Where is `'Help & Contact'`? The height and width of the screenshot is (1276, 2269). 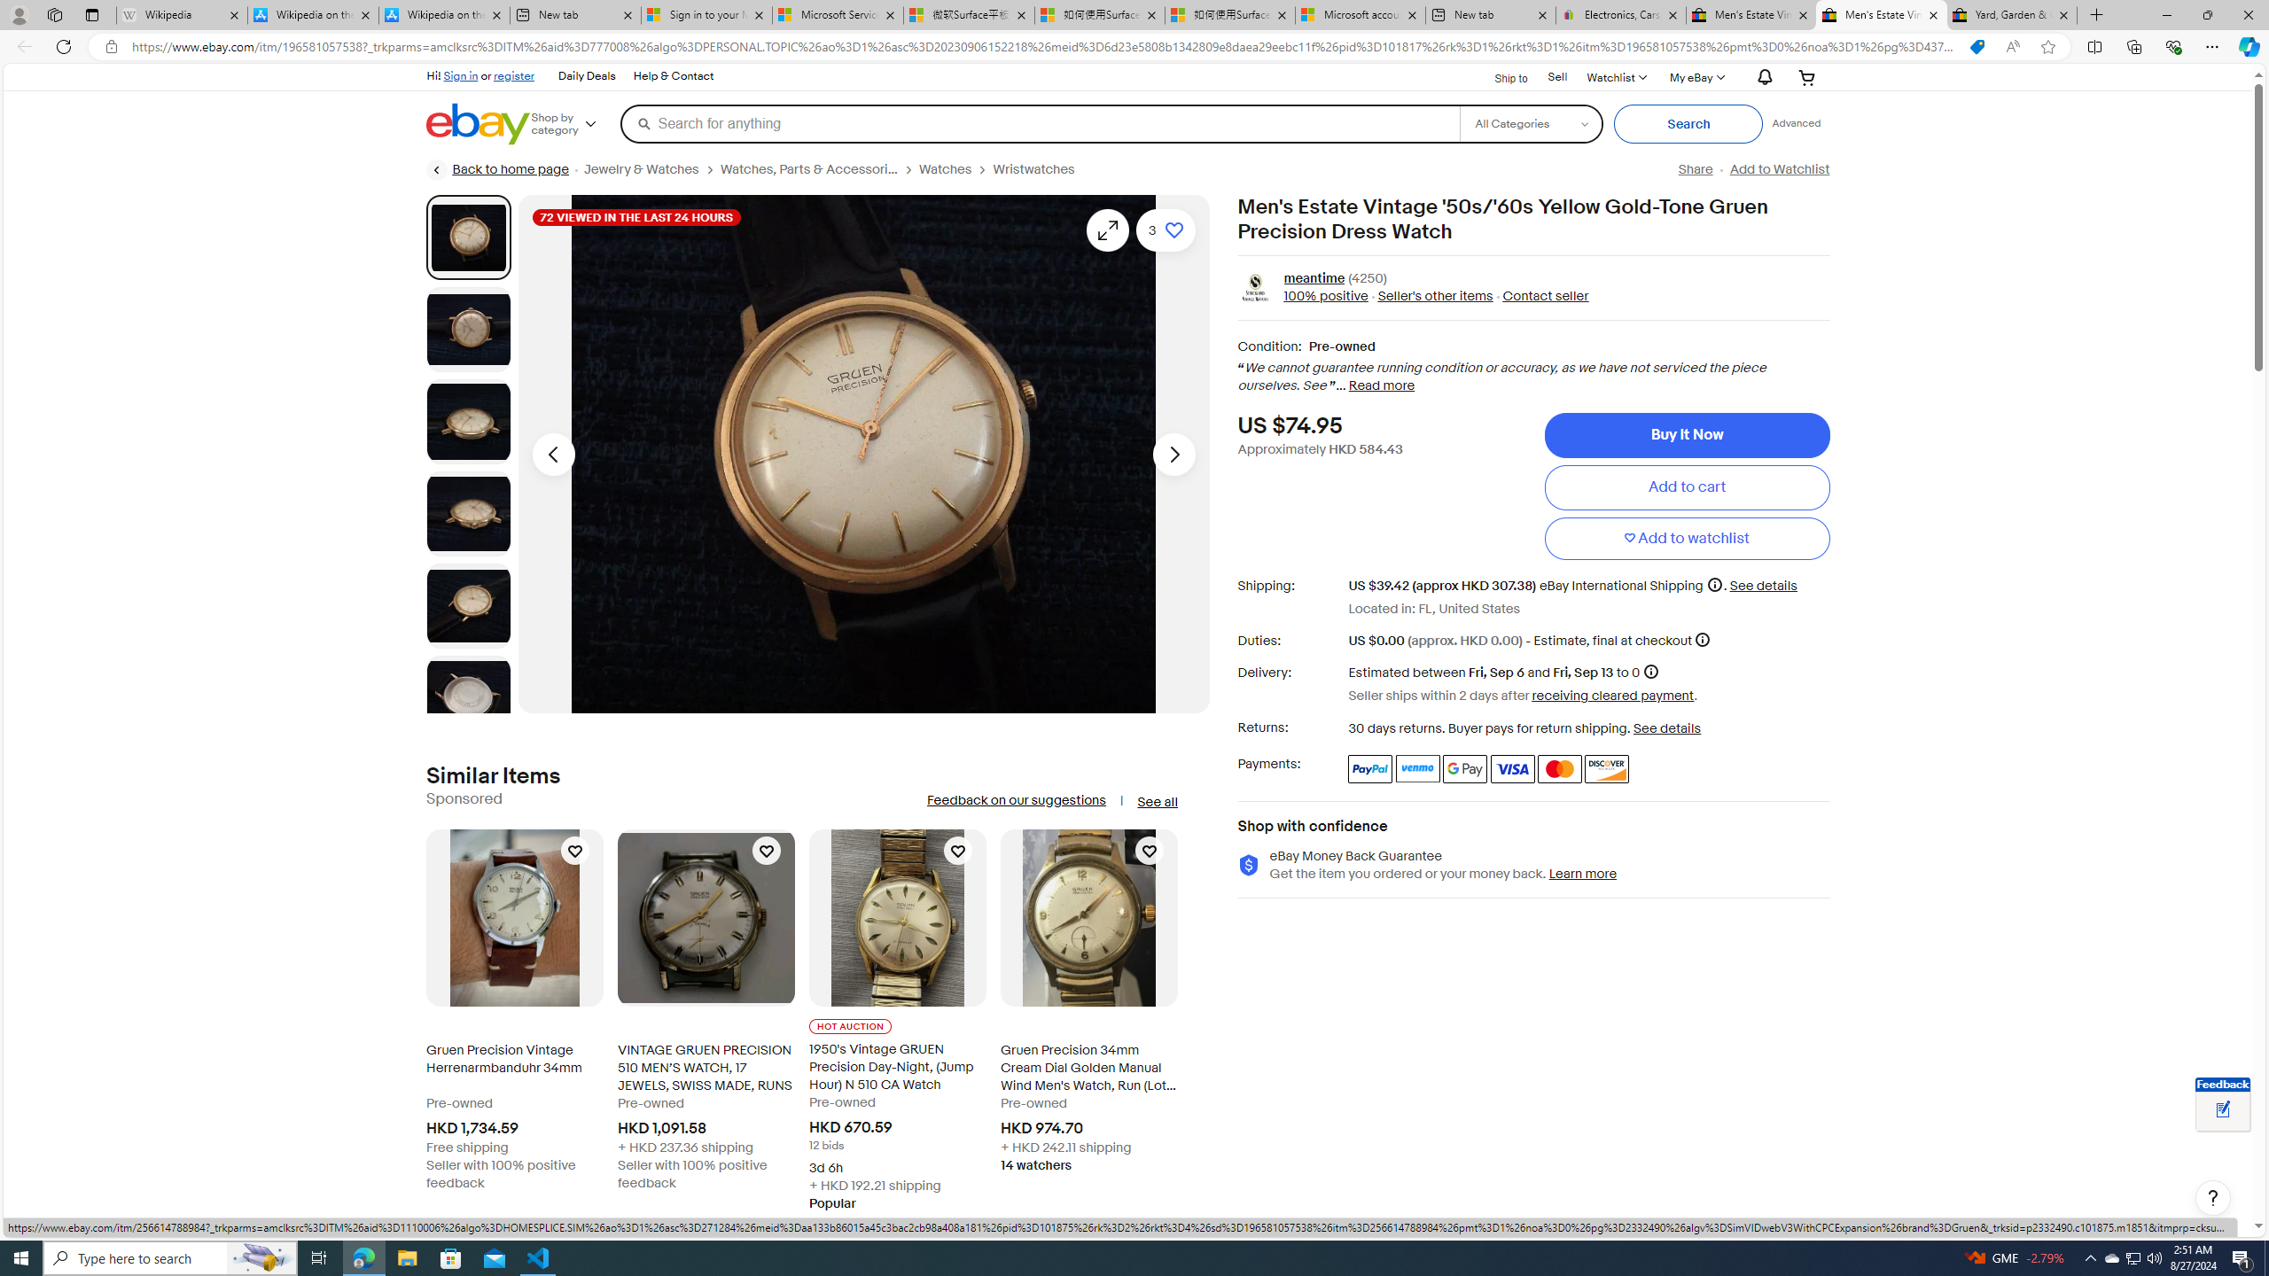
'Help & Contact' is located at coordinates (673, 77).